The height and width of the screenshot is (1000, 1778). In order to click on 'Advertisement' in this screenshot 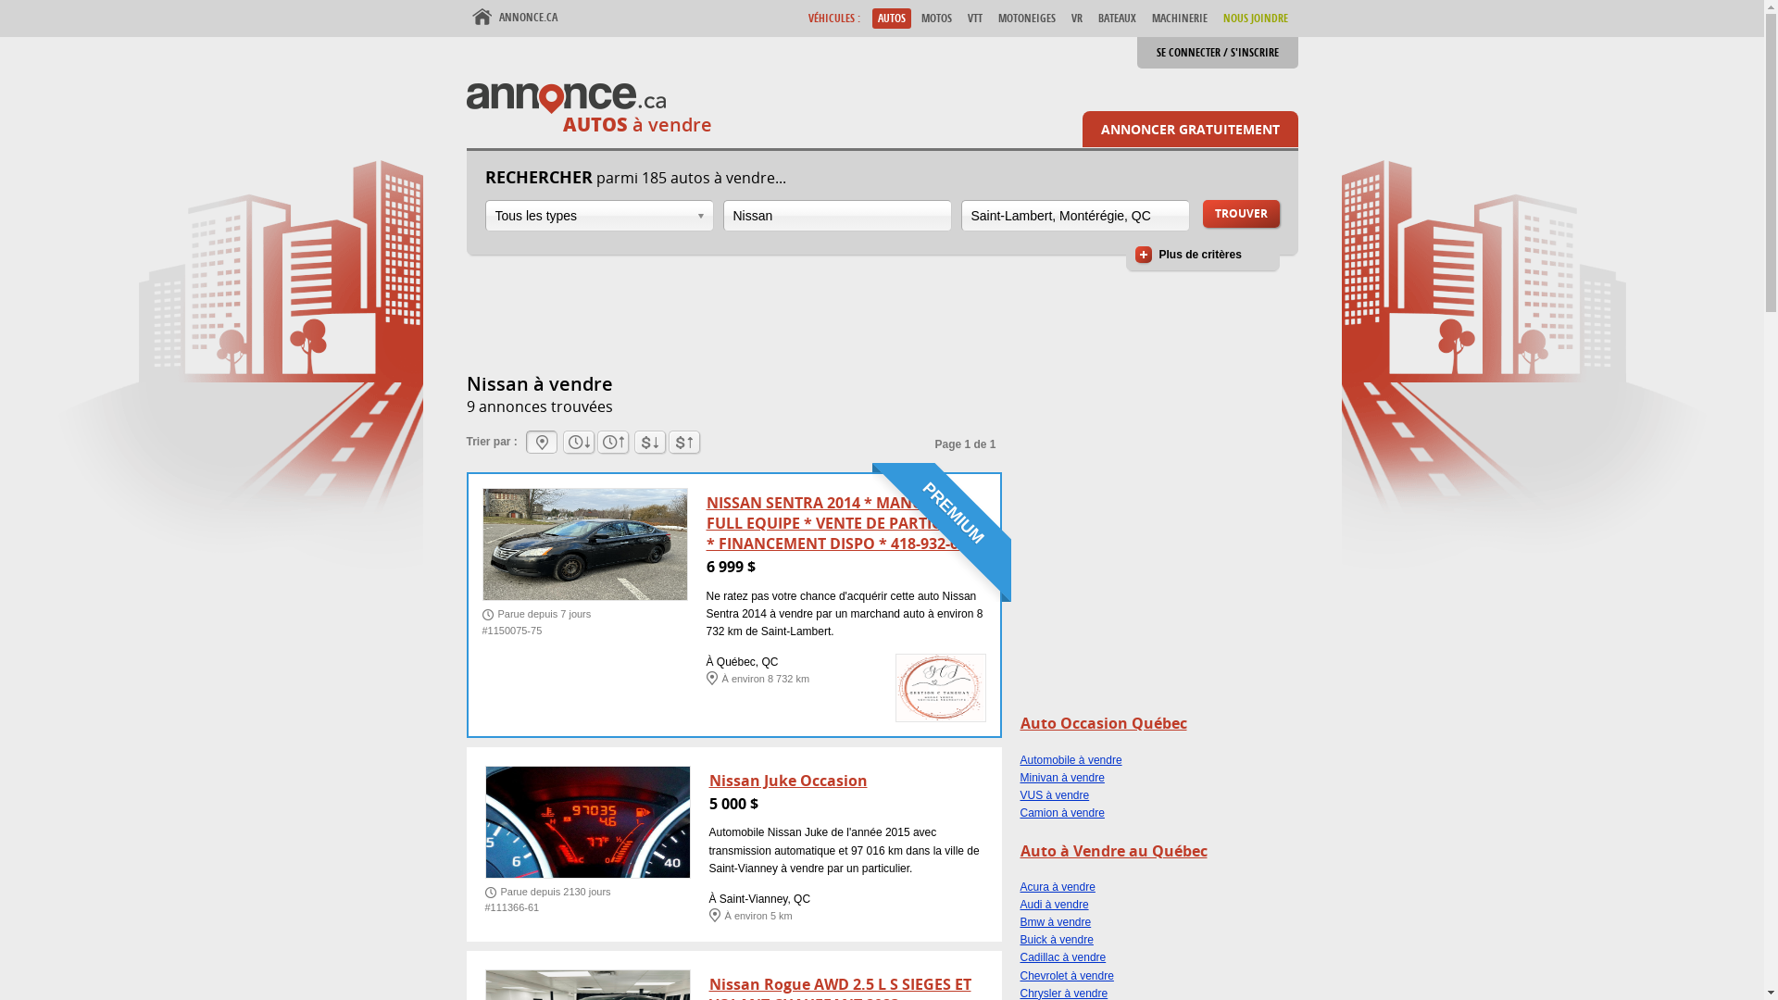, I will do `click(1158, 588)`.